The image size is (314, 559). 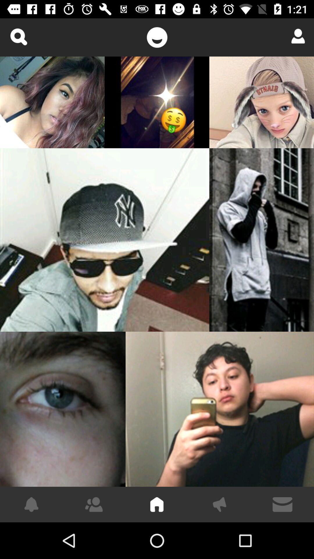 What do you see at coordinates (18, 36) in the screenshot?
I see `search bar` at bounding box center [18, 36].